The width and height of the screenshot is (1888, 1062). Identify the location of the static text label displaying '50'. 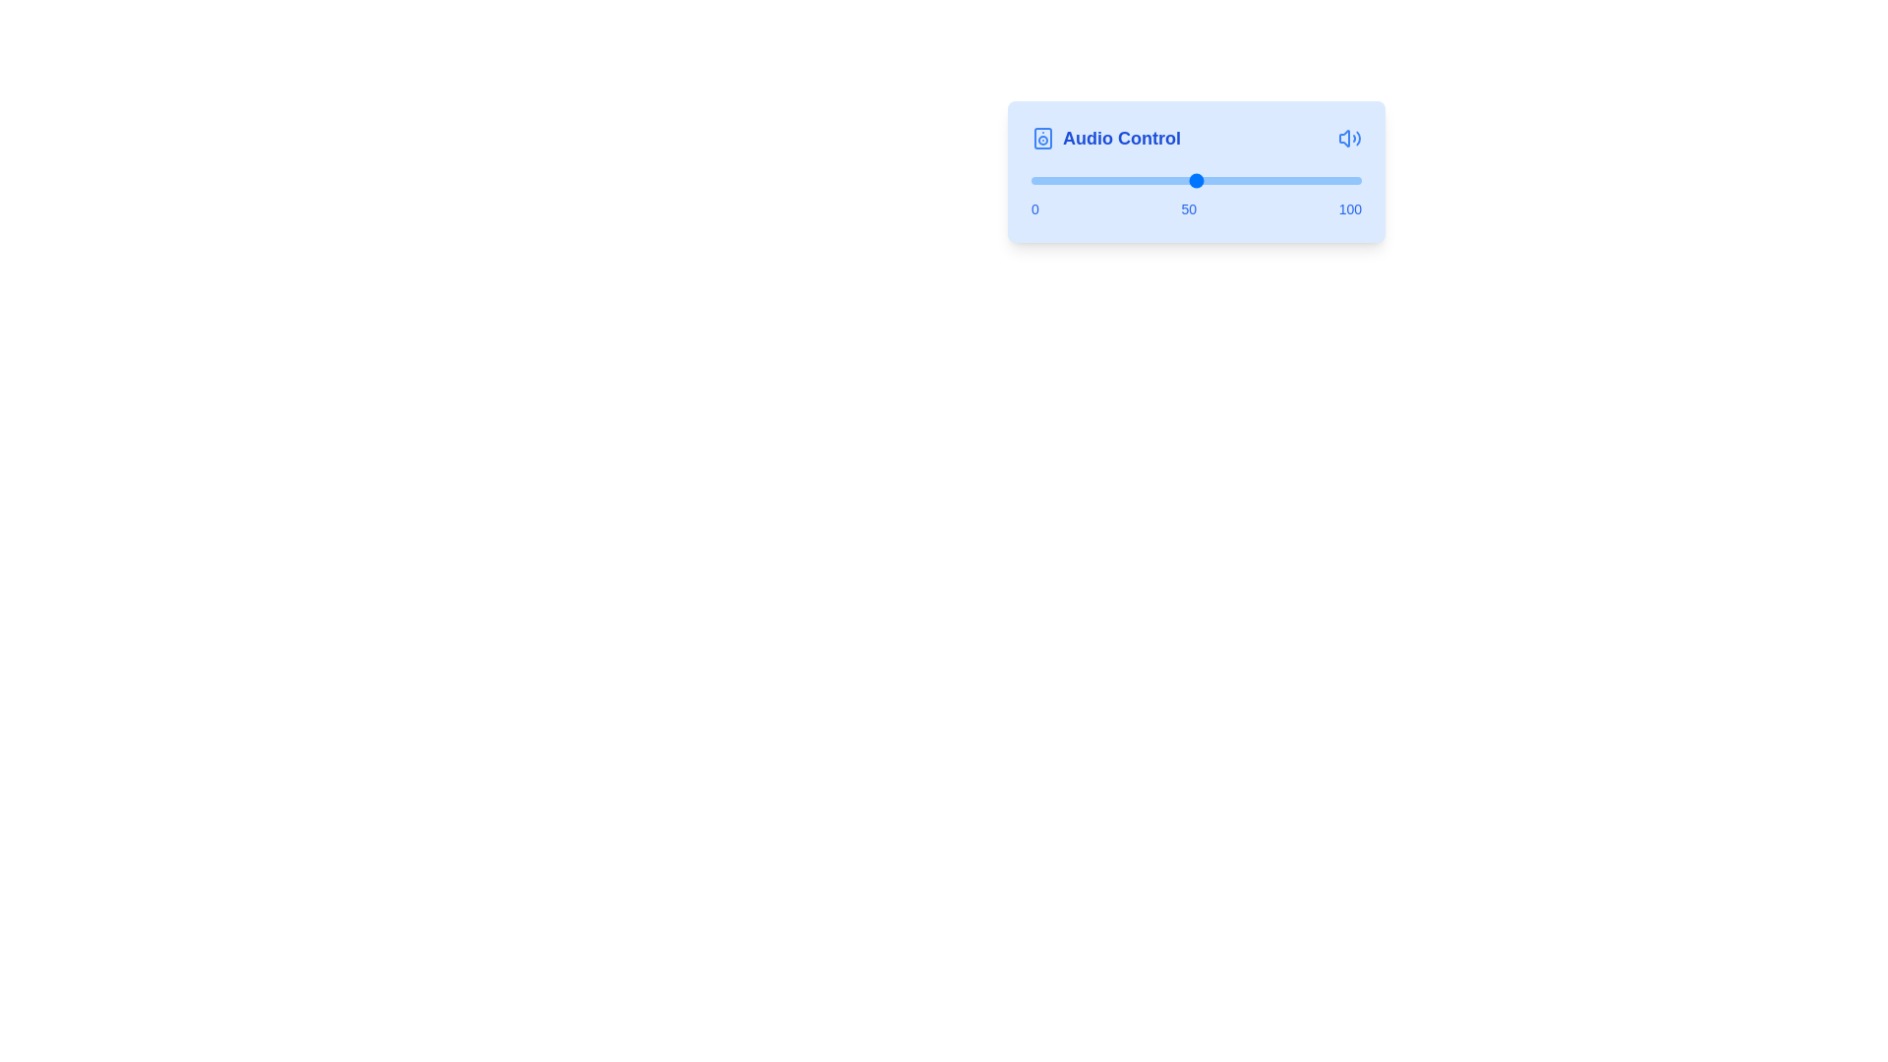
(1188, 208).